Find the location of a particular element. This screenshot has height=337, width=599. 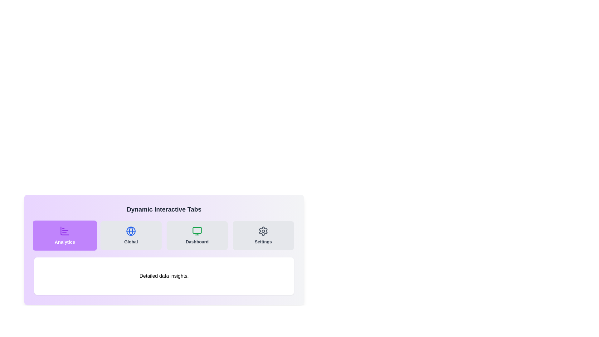

the 'Settings' button, which features a gear-like icon above bold text, located at the fourth position in a horizontal row of buttons is located at coordinates (263, 236).